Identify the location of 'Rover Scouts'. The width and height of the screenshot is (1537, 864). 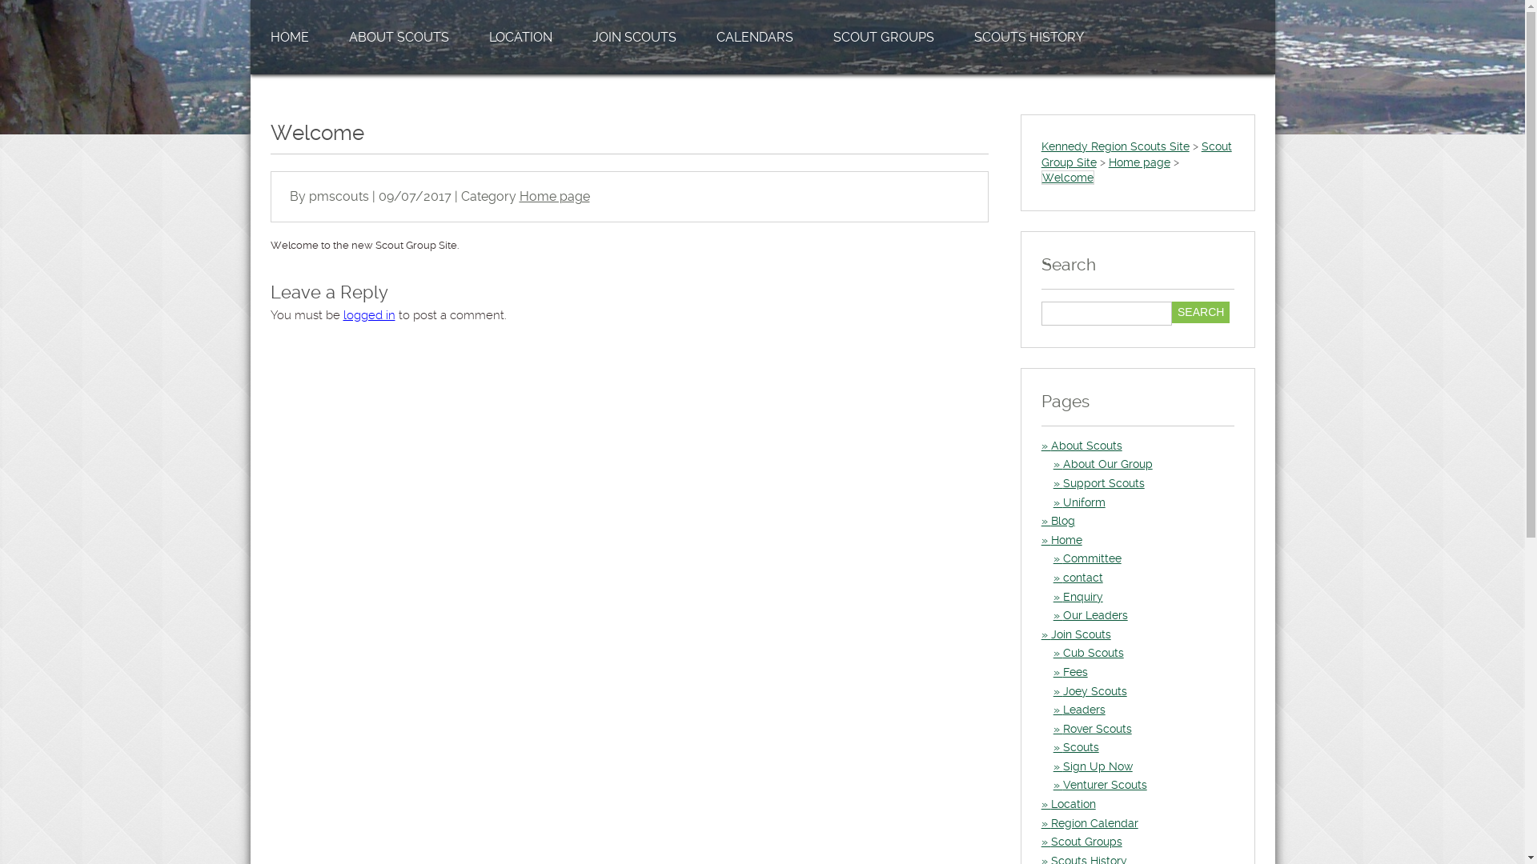
(1091, 728).